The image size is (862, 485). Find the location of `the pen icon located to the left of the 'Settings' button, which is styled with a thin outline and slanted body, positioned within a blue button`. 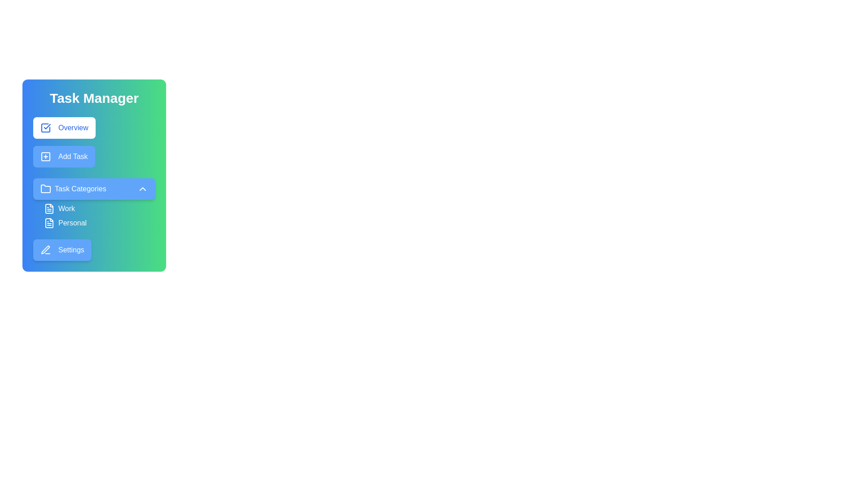

the pen icon located to the left of the 'Settings' button, which is styled with a thin outline and slanted body, positioned within a blue button is located at coordinates (45, 250).